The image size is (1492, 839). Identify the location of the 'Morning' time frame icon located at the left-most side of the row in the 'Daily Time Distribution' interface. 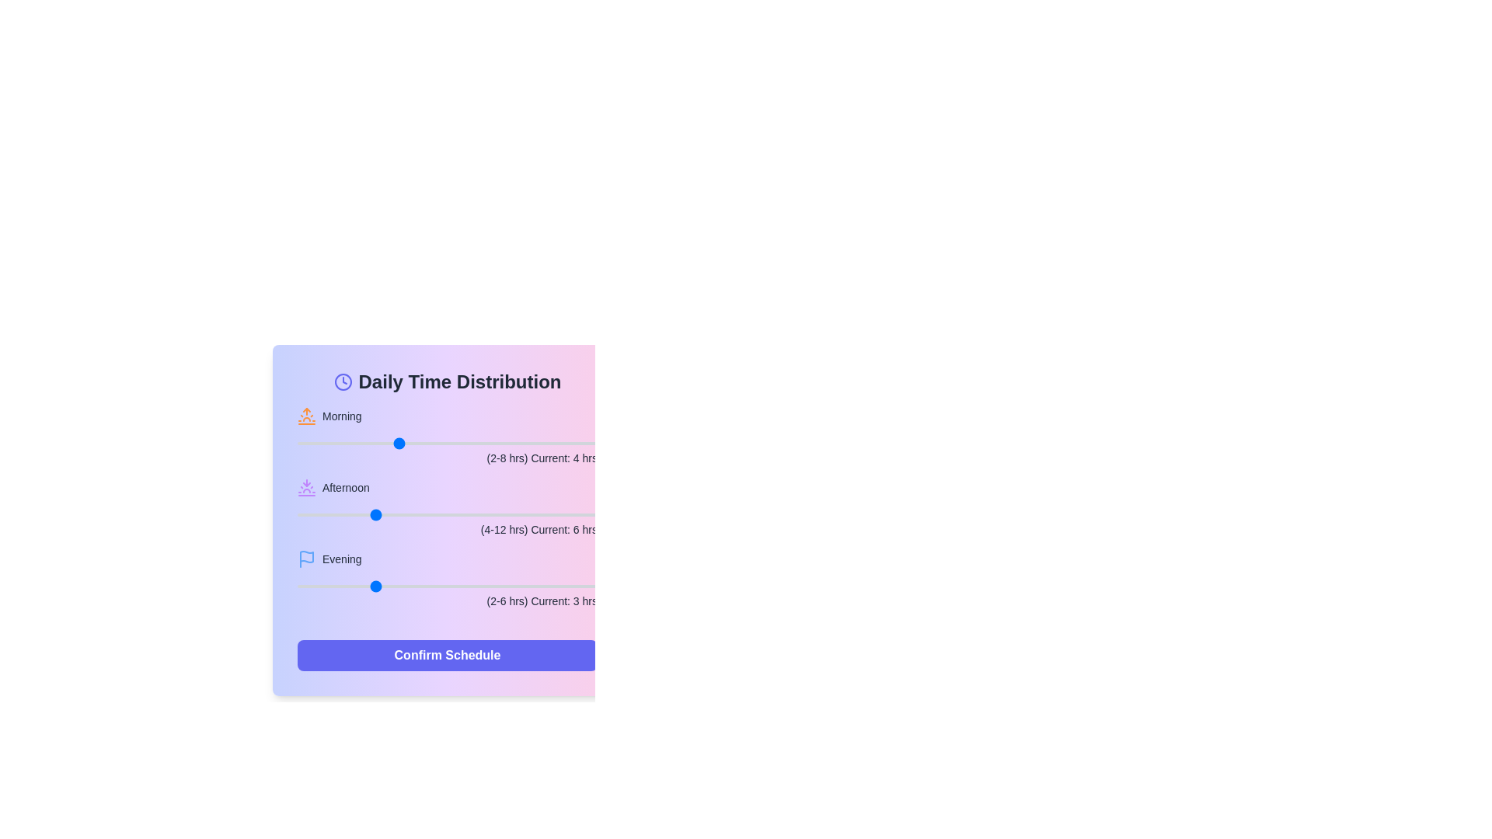
(306, 416).